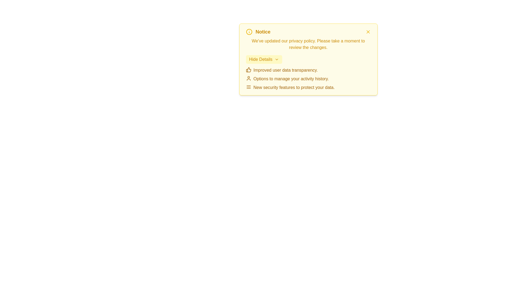 The width and height of the screenshot is (519, 292). What do you see at coordinates (249, 32) in the screenshot?
I see `the informational notification icon located to the left of the bold yellow text label 'Notice' in the header area of the notification box` at bounding box center [249, 32].